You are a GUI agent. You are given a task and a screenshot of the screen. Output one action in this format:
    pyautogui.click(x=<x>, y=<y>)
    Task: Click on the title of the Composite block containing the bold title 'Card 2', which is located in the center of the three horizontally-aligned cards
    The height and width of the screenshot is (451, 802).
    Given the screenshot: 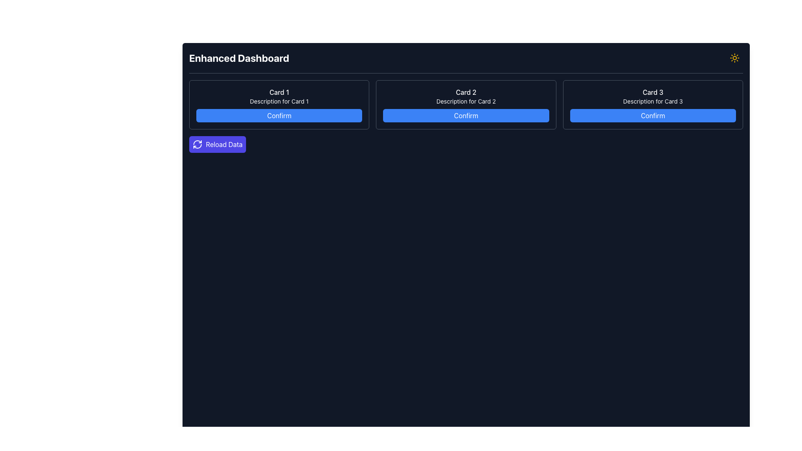 What is the action you would take?
    pyautogui.click(x=465, y=104)
    